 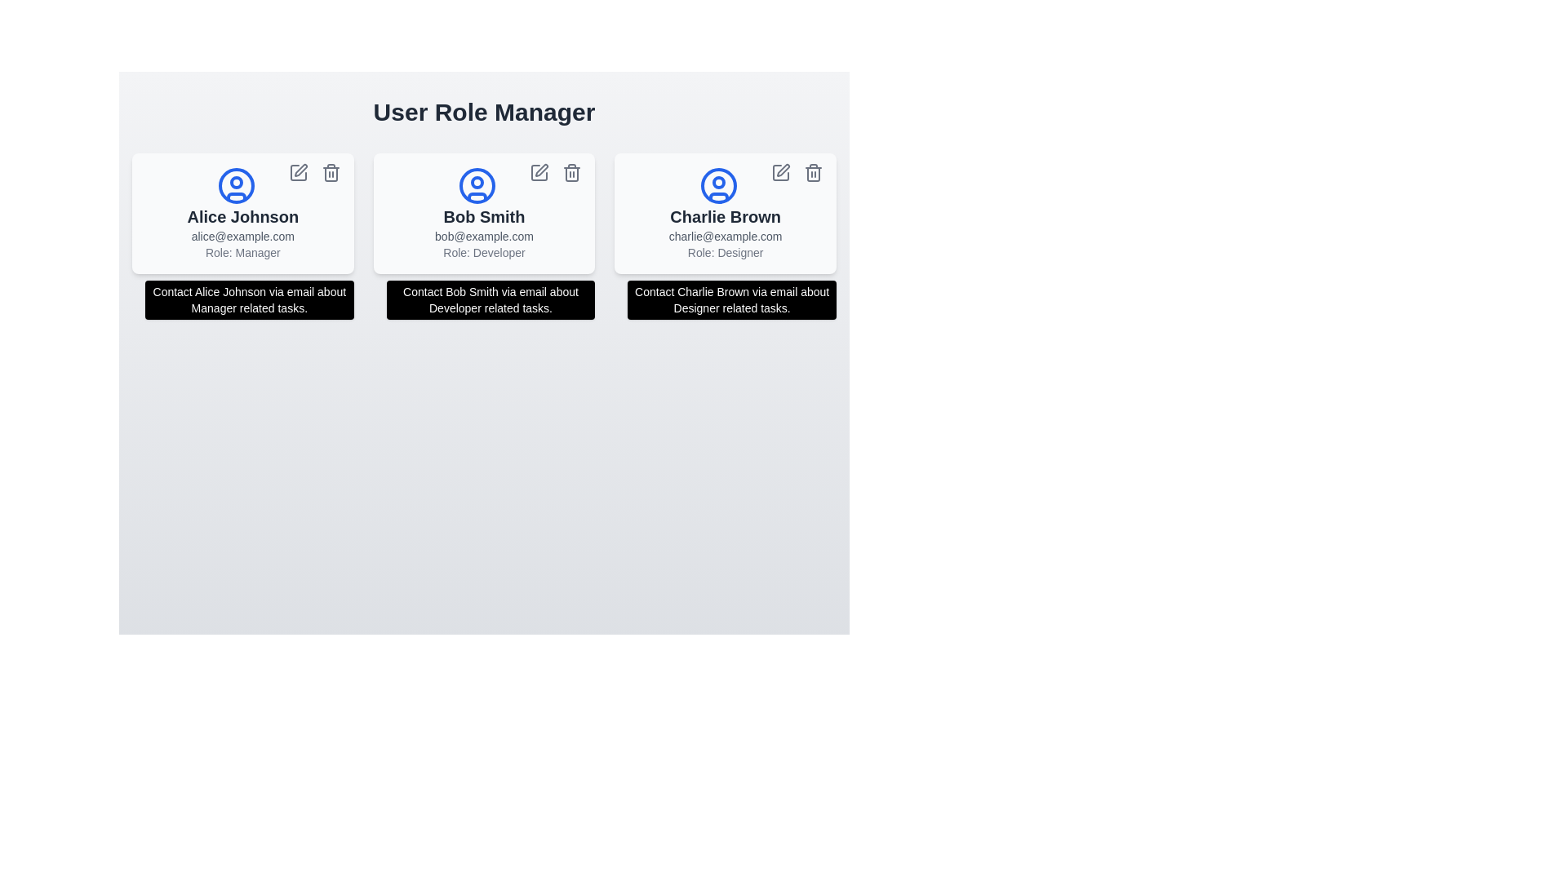 I want to click on and read the text displayed in the user identification label located at the top of the leftmost profile card, which is above the email 'alice@example.com' and the role description 'Role: Manager', so click(x=242, y=216).